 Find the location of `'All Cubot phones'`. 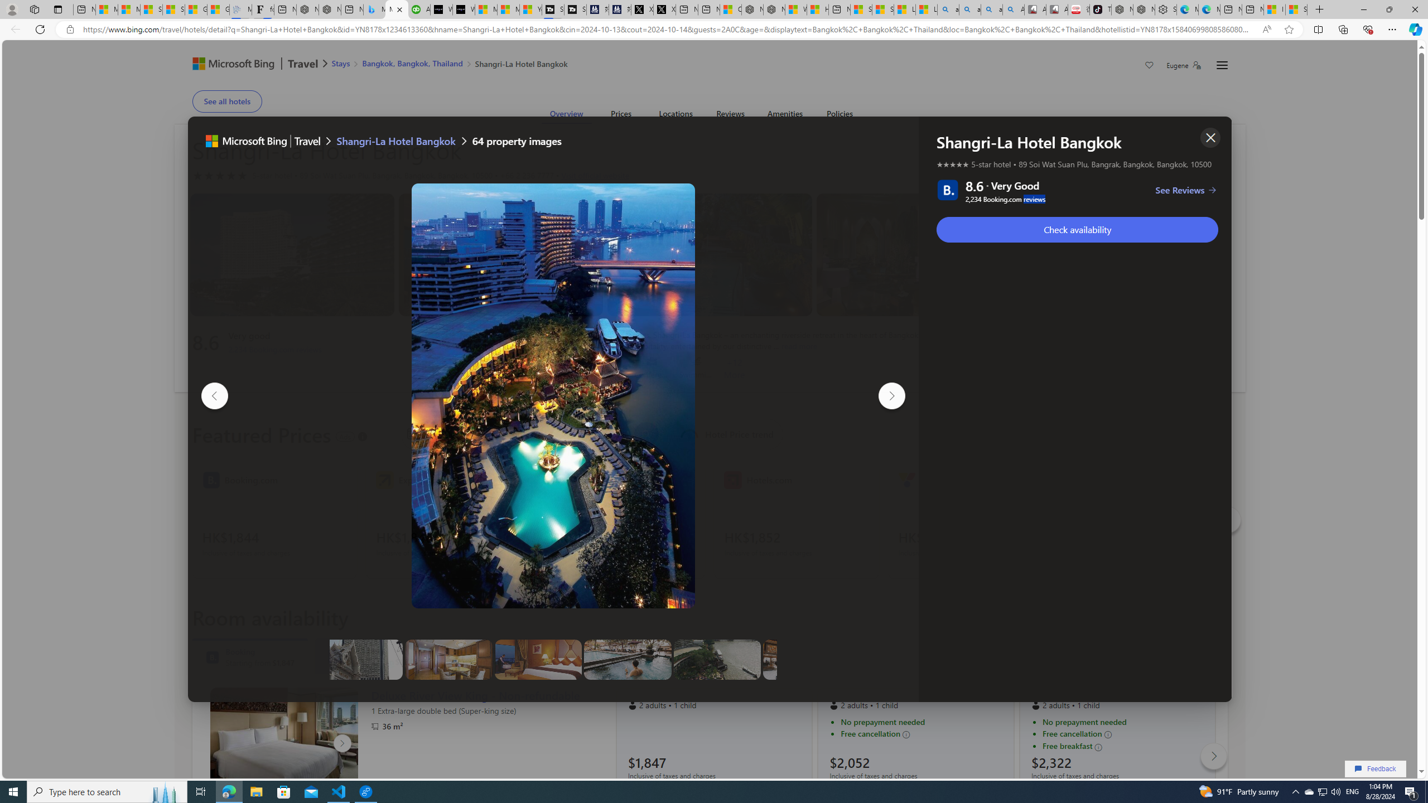

'All Cubot phones' is located at coordinates (1056, 9).